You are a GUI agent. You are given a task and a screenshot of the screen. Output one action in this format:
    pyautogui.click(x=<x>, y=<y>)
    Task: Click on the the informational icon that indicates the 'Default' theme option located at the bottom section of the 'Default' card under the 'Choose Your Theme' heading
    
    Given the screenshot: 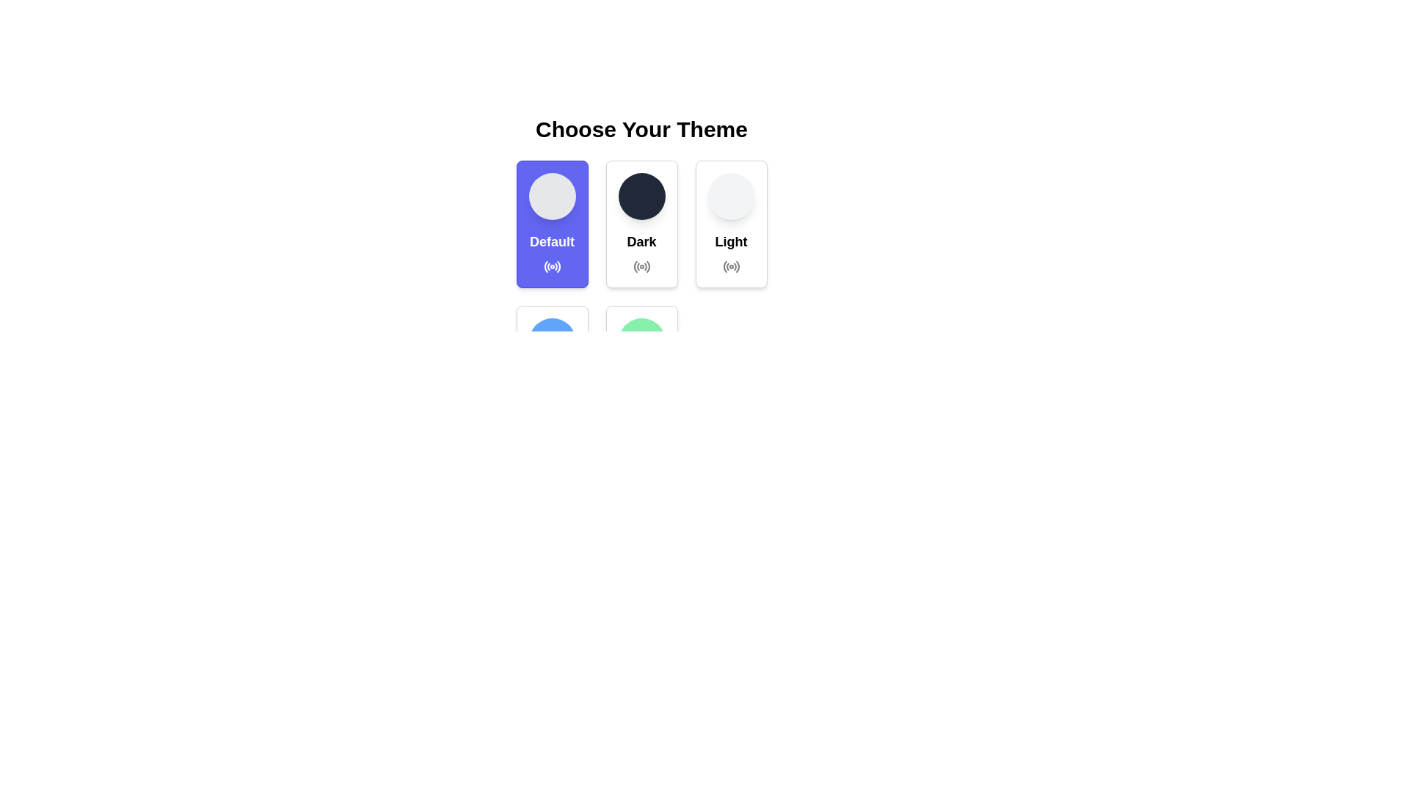 What is the action you would take?
    pyautogui.click(x=551, y=266)
    